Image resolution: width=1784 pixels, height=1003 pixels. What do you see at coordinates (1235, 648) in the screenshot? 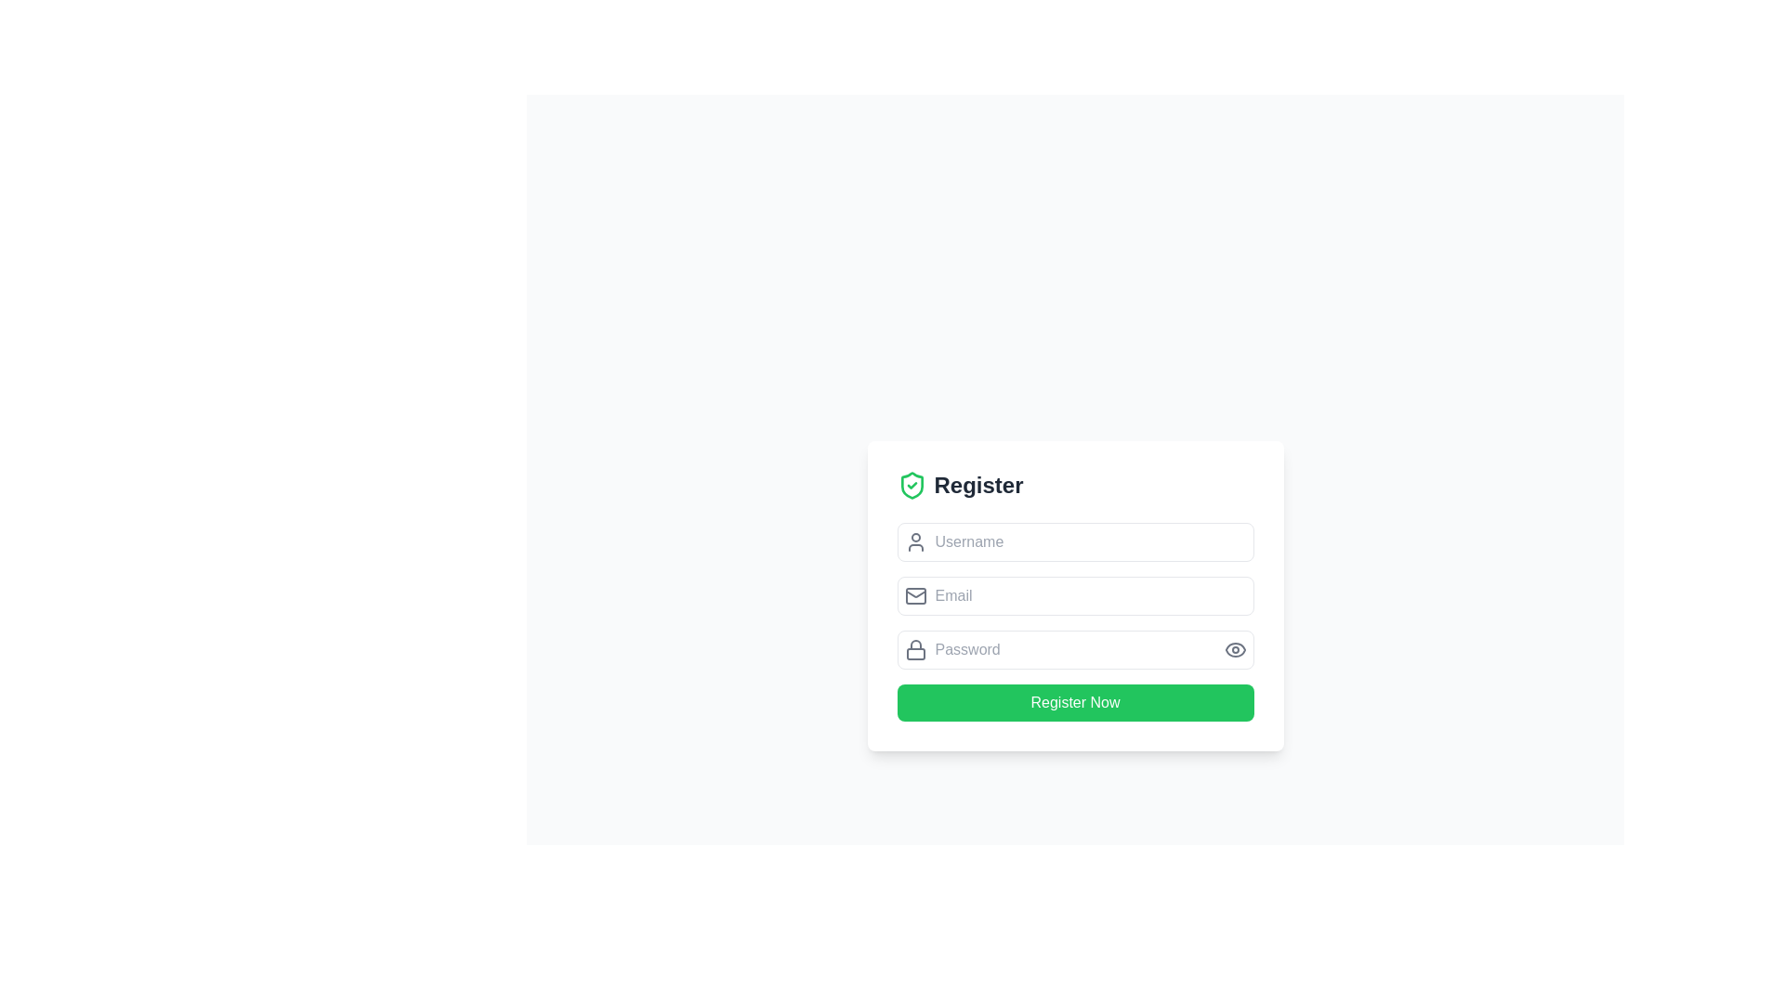
I see `the circular eye button with a gray outline located at the right end of the password input field` at bounding box center [1235, 648].